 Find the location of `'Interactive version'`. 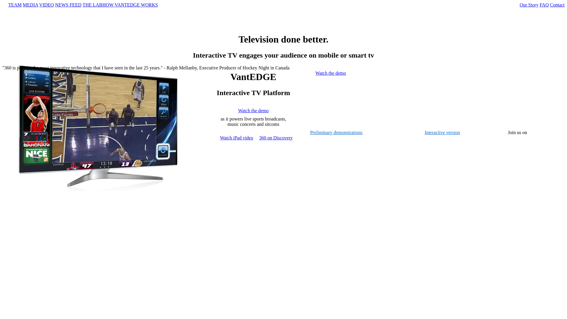

'Interactive version' is located at coordinates (442, 132).